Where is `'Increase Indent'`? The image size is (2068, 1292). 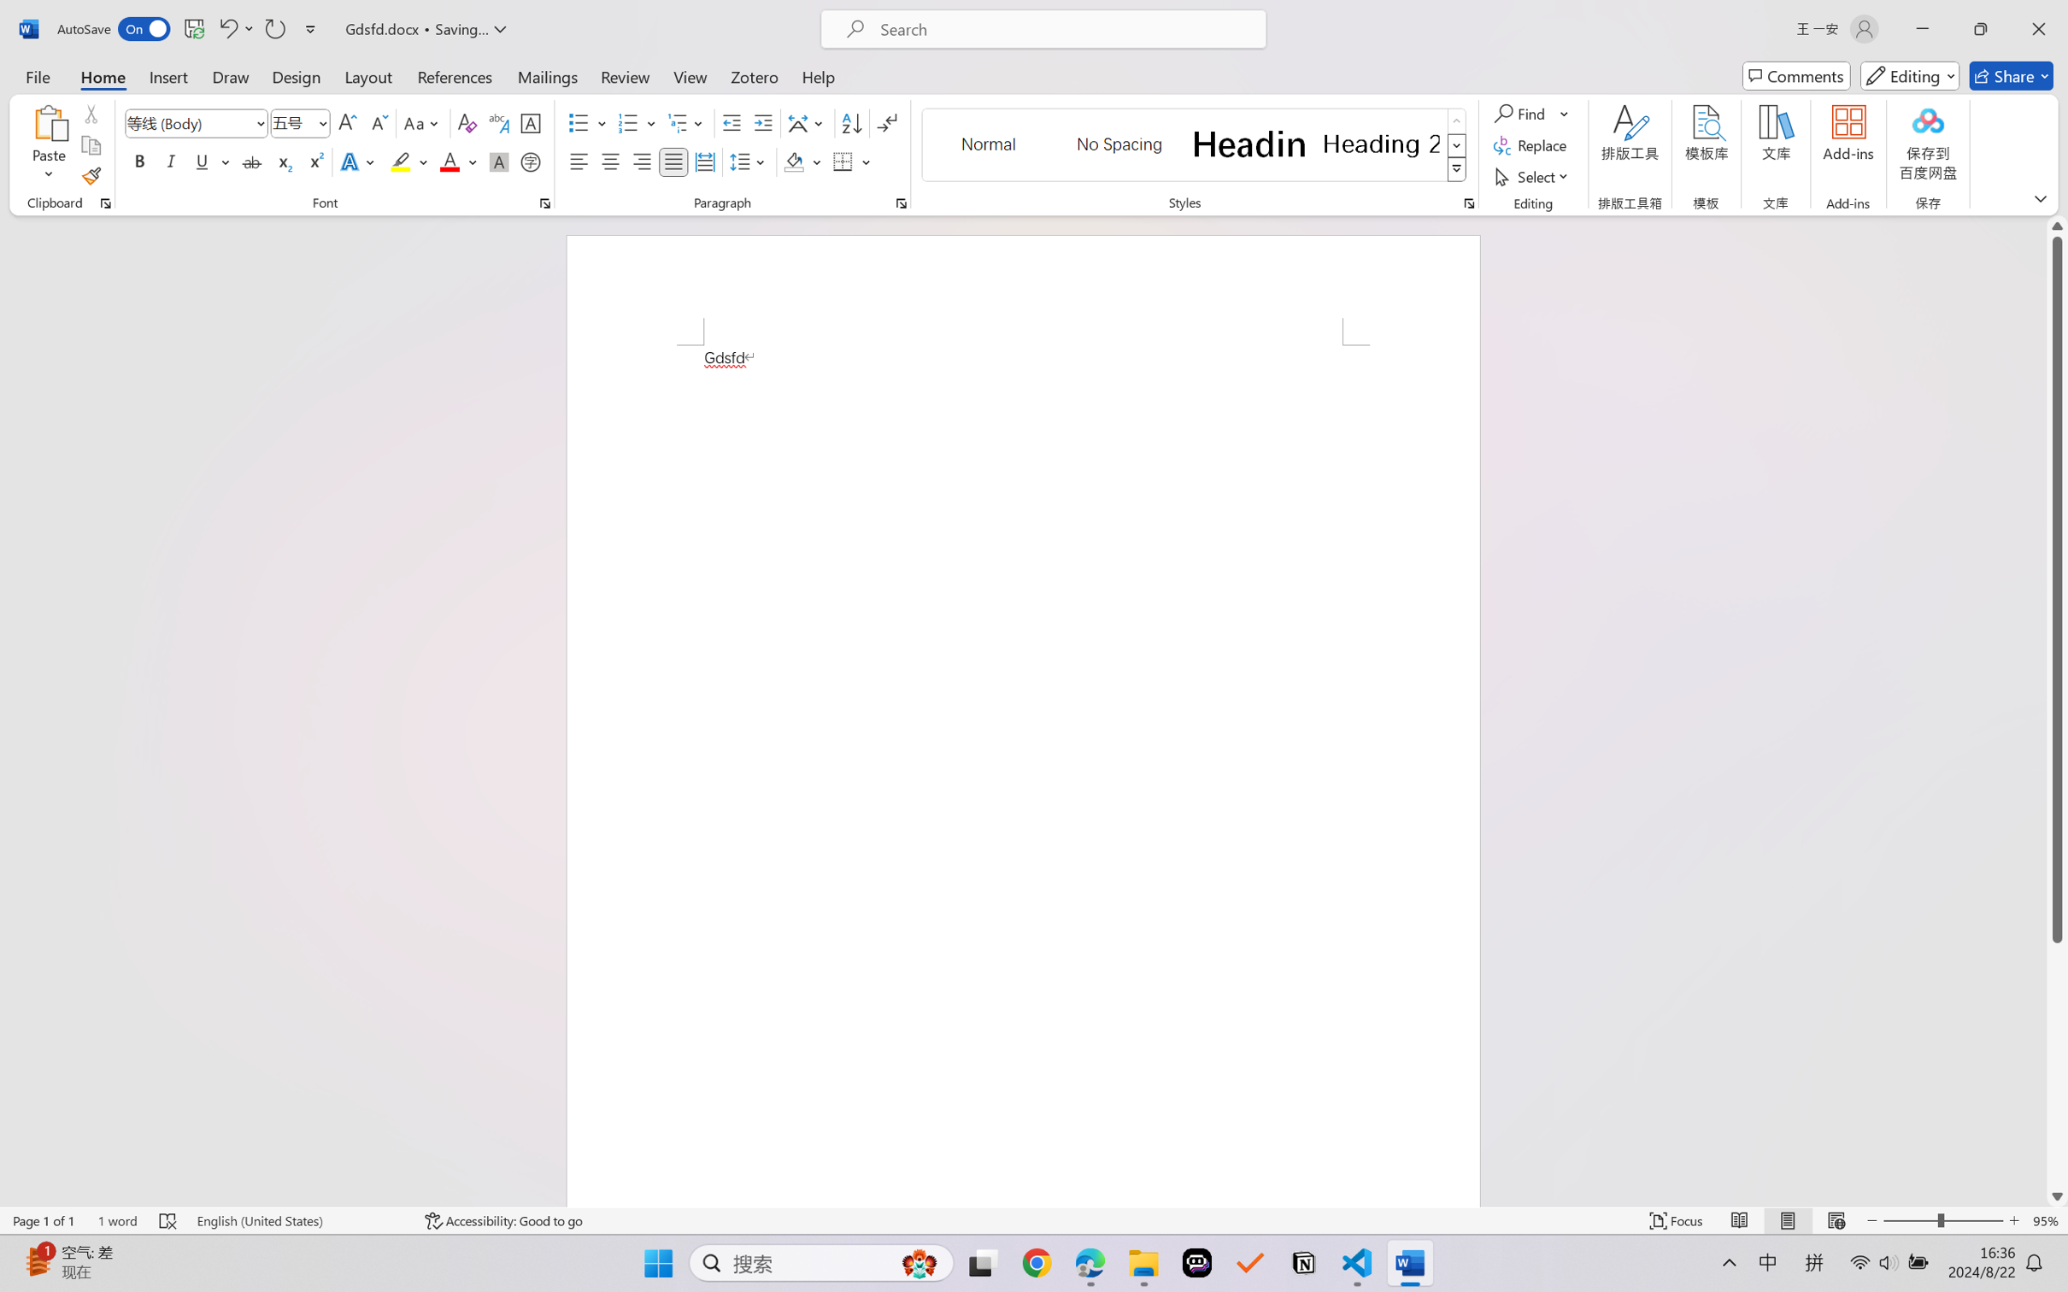 'Increase Indent' is located at coordinates (762, 123).